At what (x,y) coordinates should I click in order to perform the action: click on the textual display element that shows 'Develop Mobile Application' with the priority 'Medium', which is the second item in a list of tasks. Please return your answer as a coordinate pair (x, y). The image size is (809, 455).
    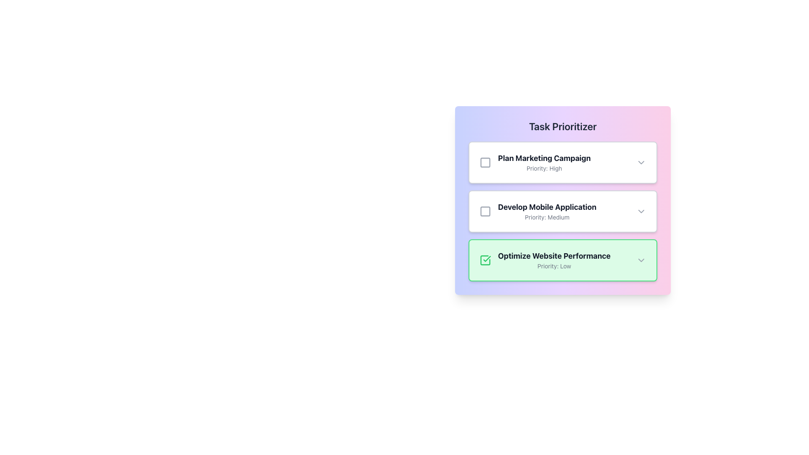
    Looking at the image, I should click on (547, 211).